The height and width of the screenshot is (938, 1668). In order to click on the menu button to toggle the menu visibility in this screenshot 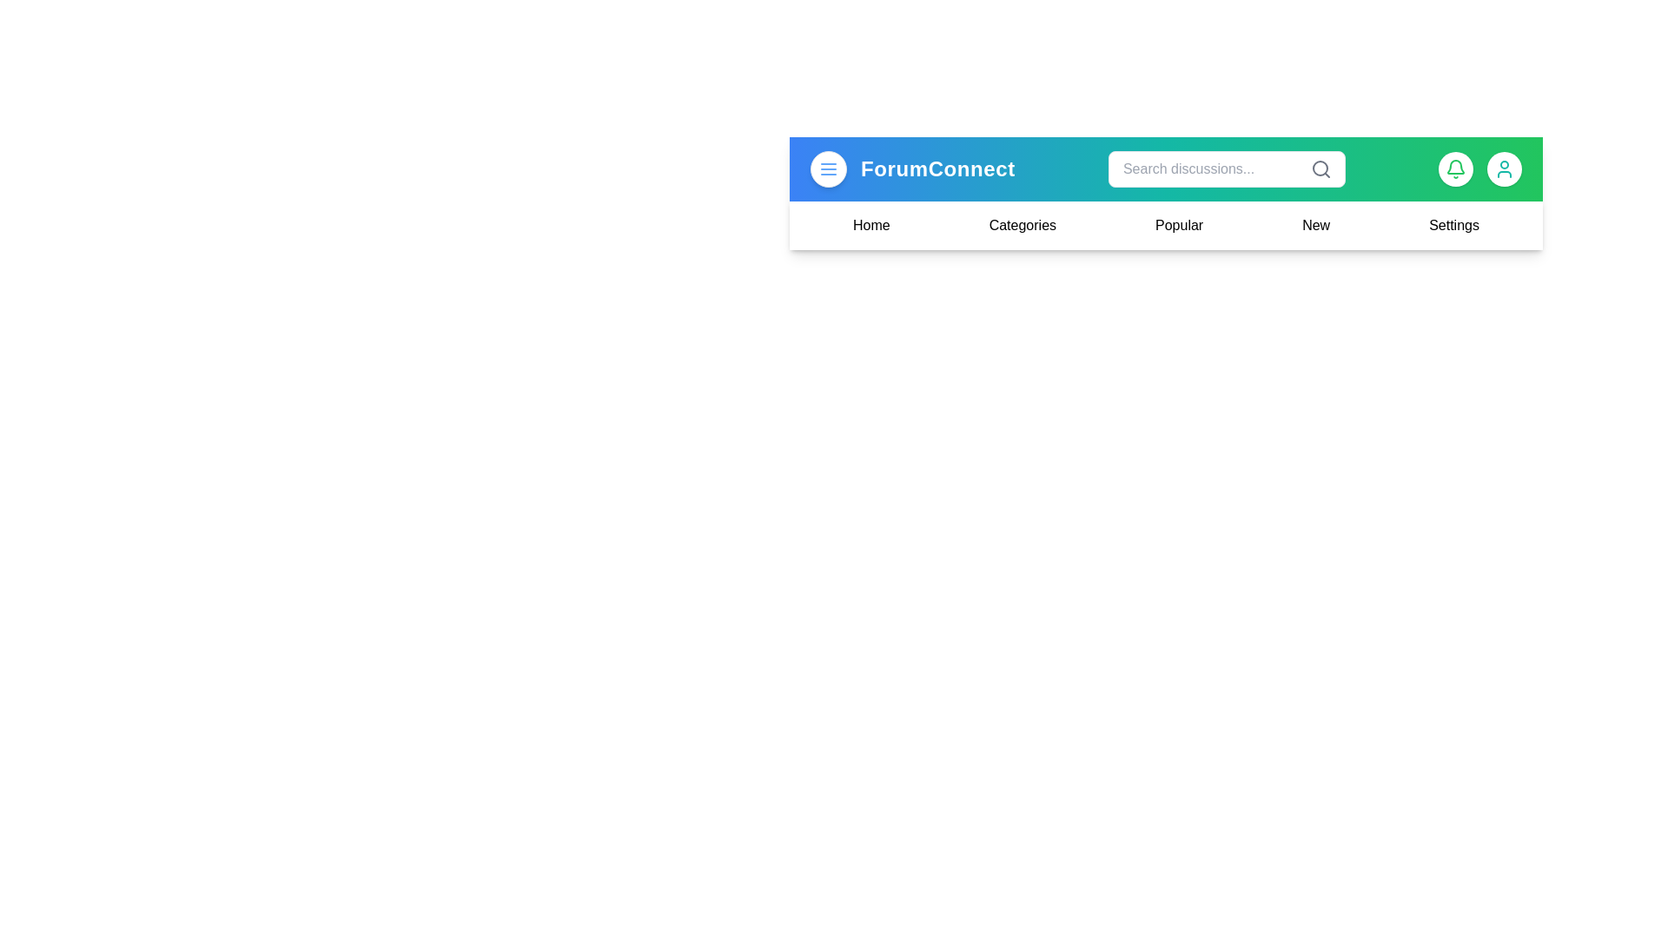, I will do `click(828, 169)`.